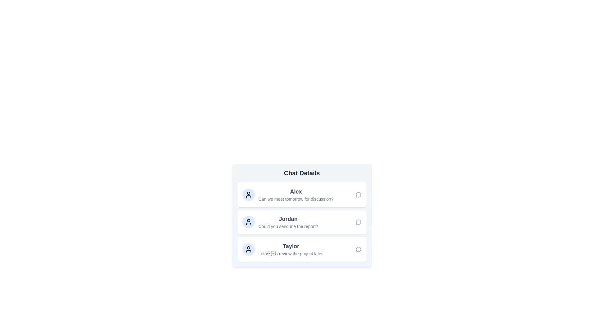  Describe the element at coordinates (358, 249) in the screenshot. I see `the chat icon for the user Taylor` at that location.